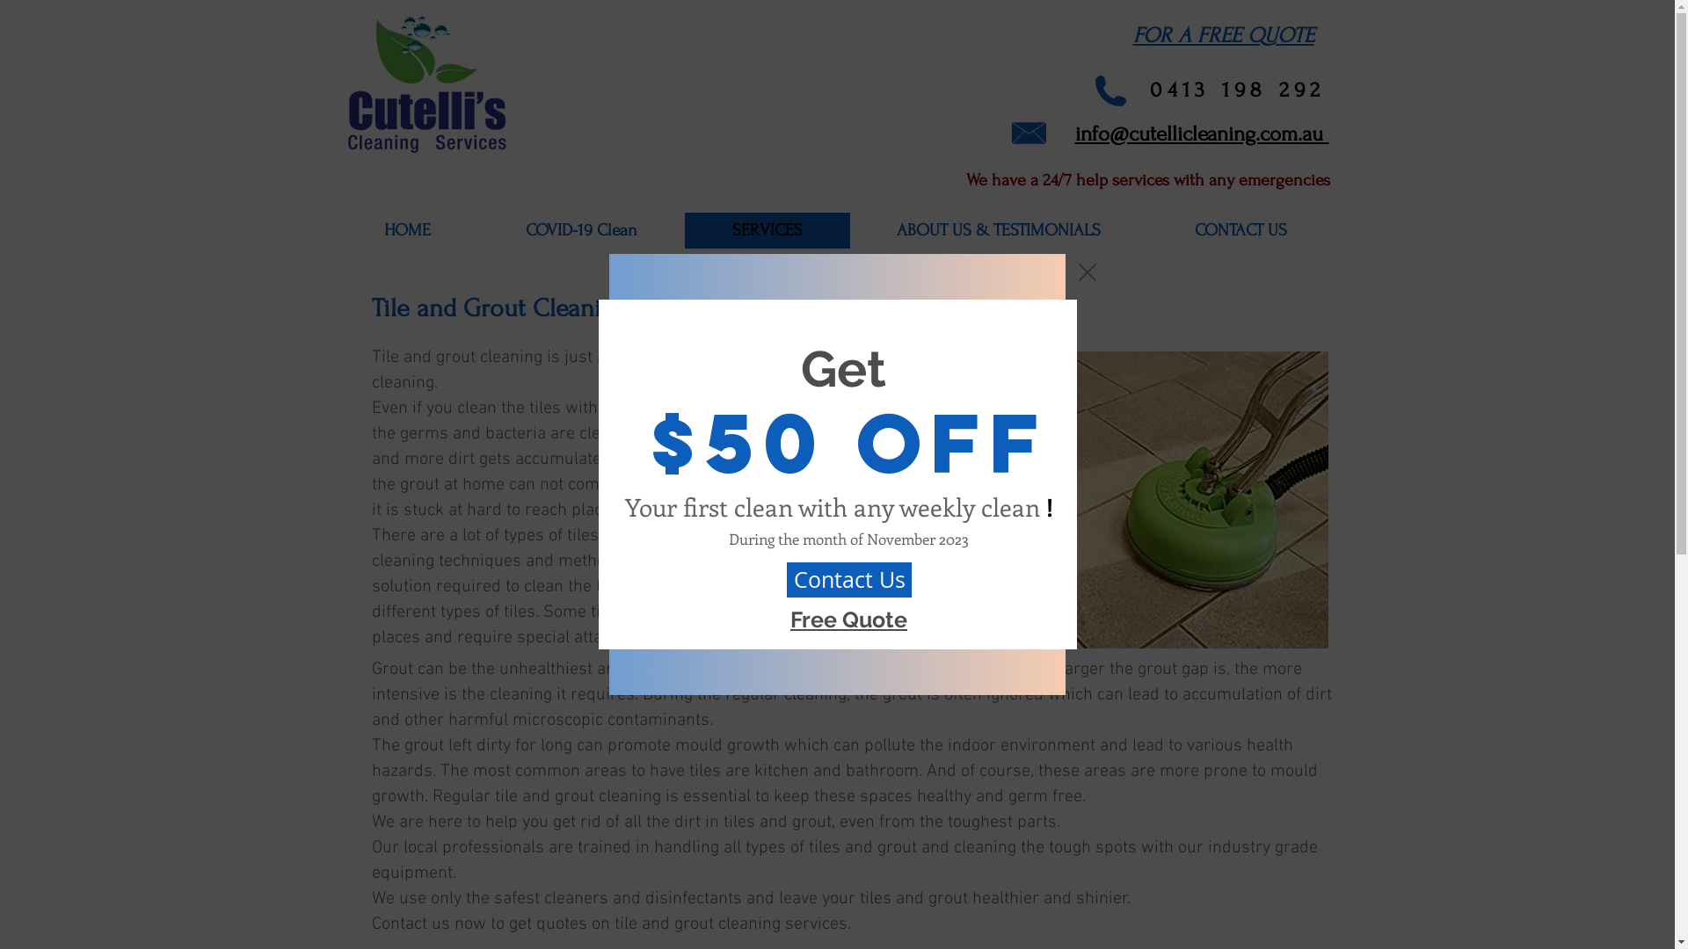 This screenshot has width=1688, height=949. What do you see at coordinates (767, 229) in the screenshot?
I see `'SERVICES'` at bounding box center [767, 229].